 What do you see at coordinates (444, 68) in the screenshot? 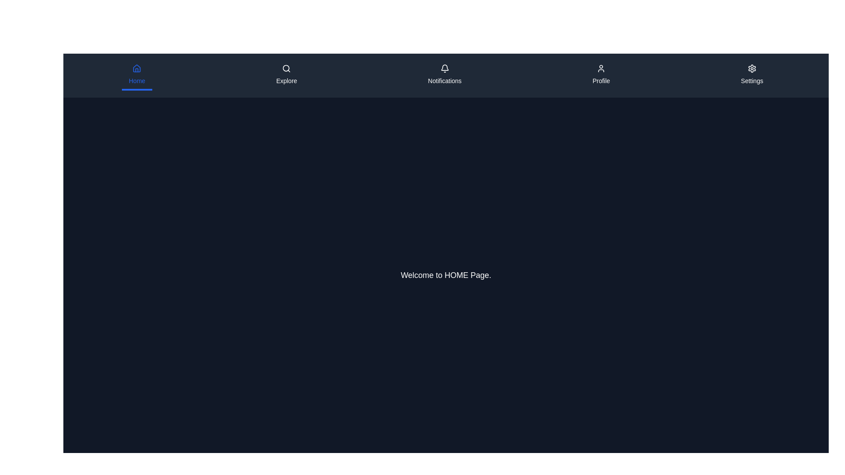
I see `the bell-shaped notification icon` at bounding box center [444, 68].